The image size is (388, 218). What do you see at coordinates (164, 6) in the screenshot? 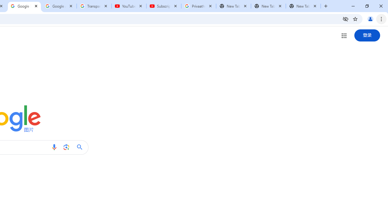
I see `'Subscriptions - YouTube'` at bounding box center [164, 6].